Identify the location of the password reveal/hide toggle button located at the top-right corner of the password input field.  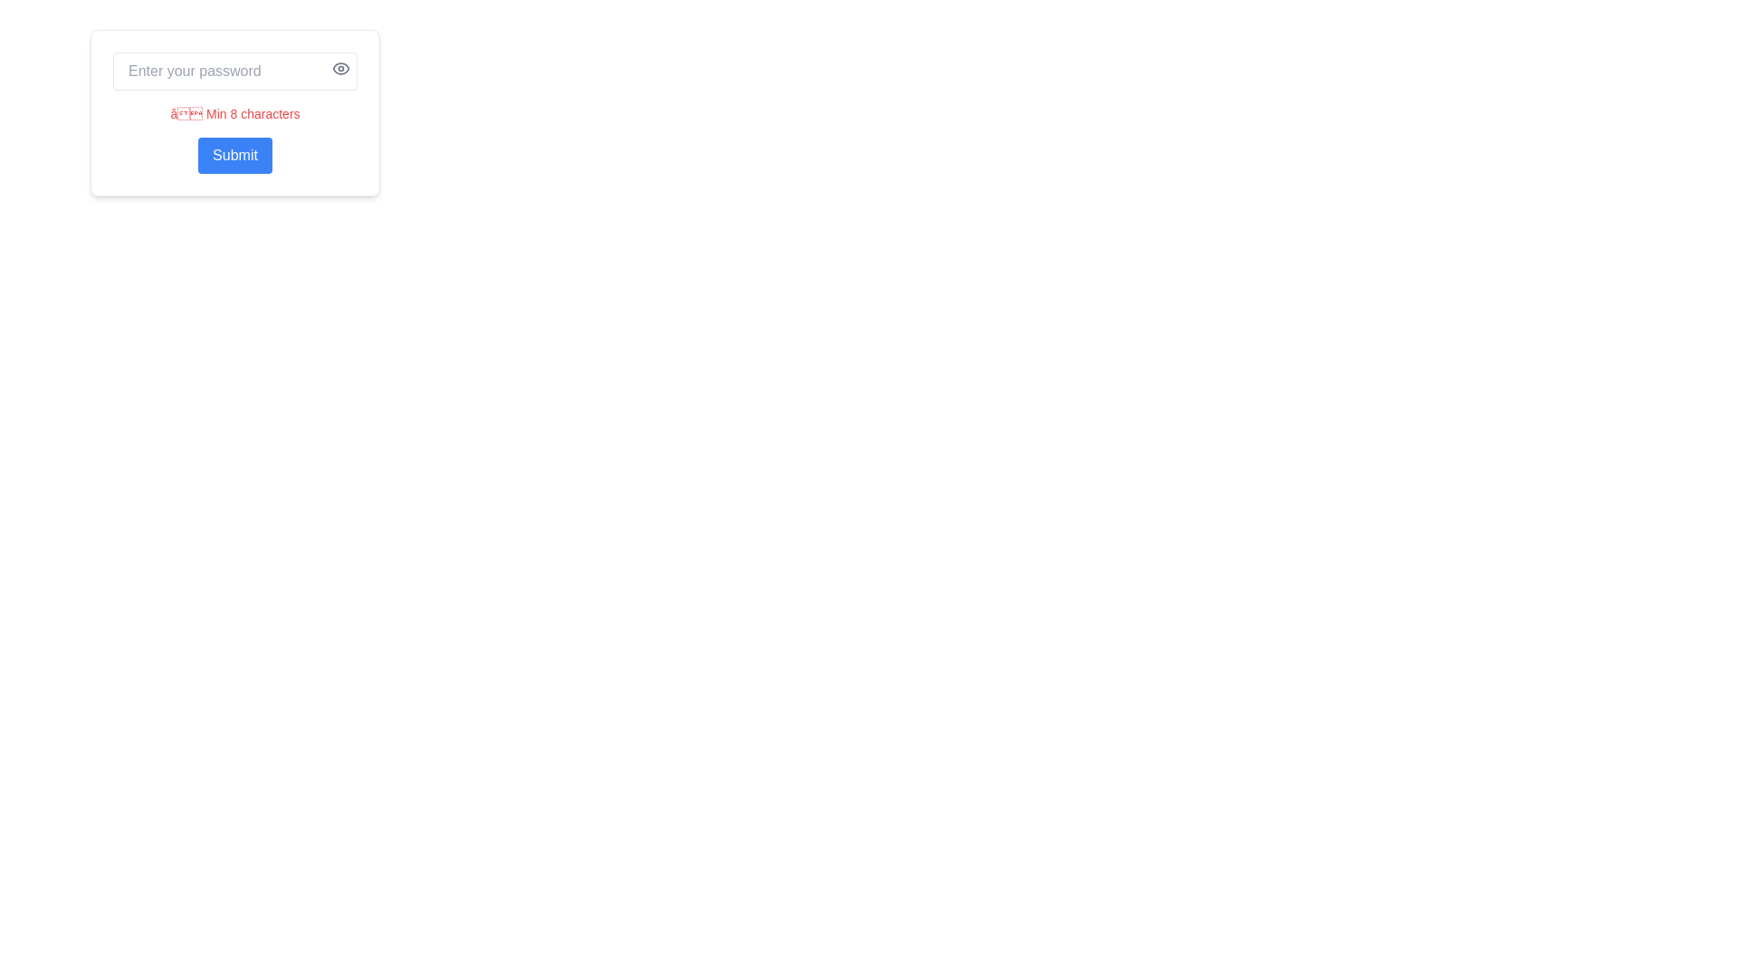
(341, 68).